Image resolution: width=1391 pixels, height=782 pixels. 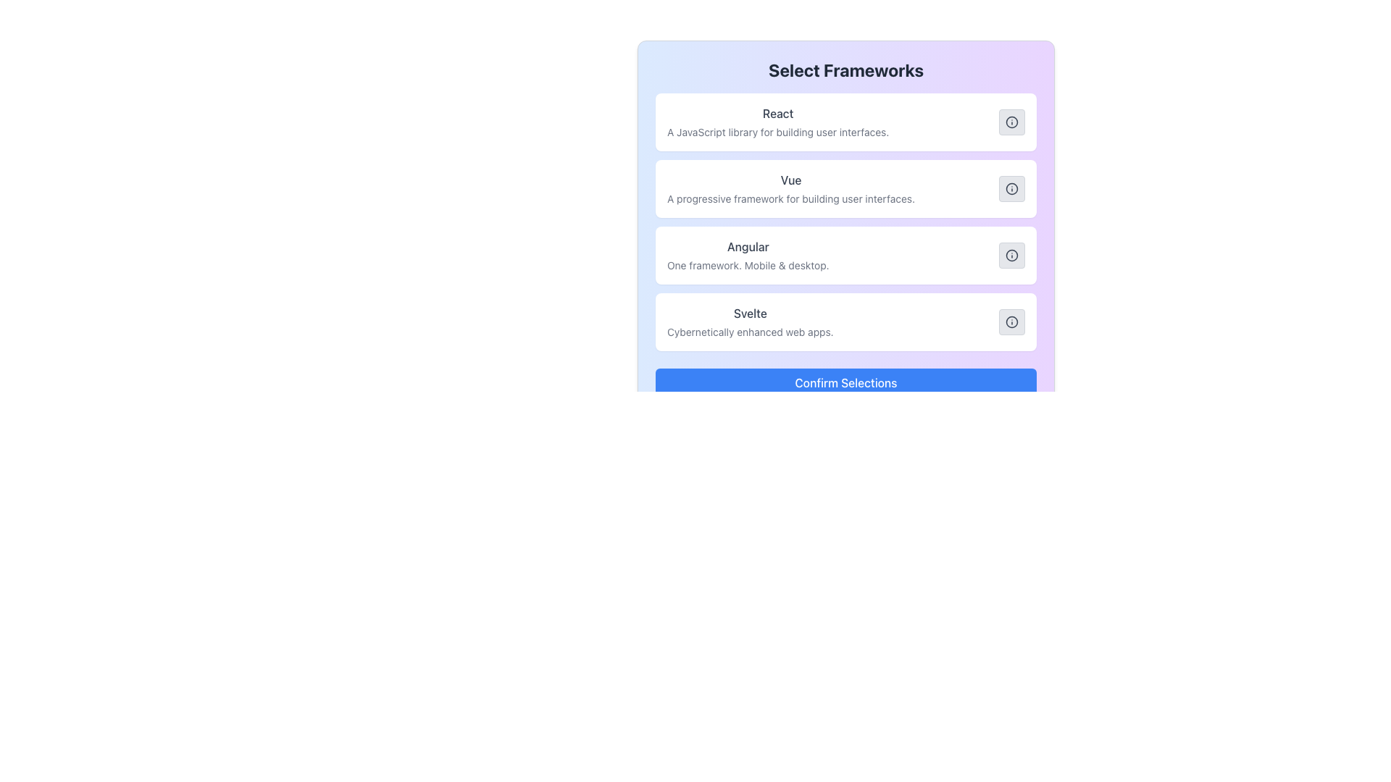 I want to click on the button located to the right of the text 'React', so click(x=1011, y=122).